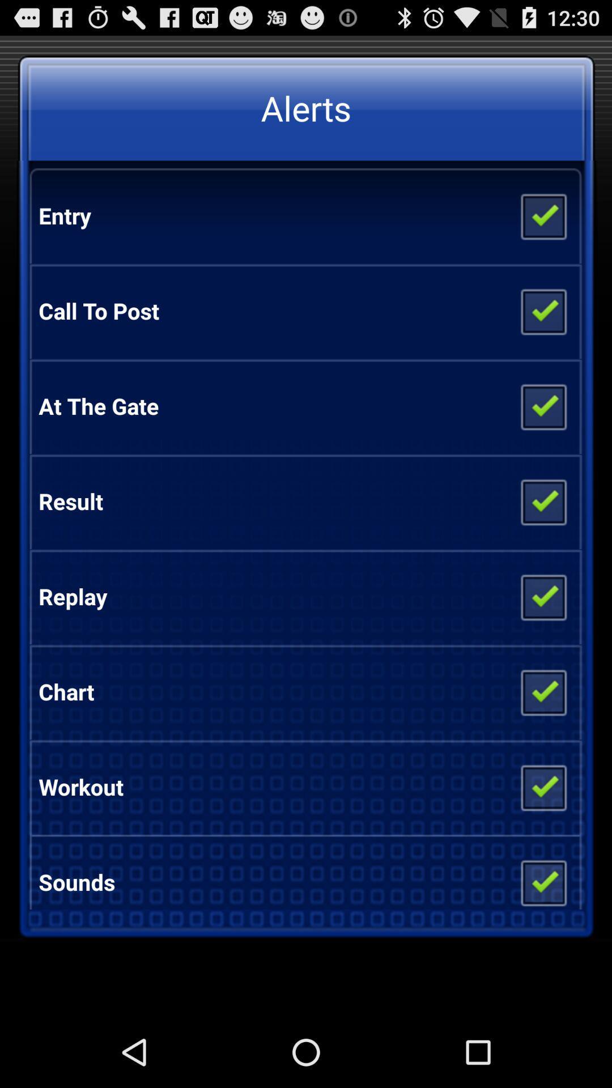 This screenshot has height=1088, width=612. Describe the element at coordinates (542, 786) in the screenshot. I see `toggles whether to get alerts concering workouts` at that location.